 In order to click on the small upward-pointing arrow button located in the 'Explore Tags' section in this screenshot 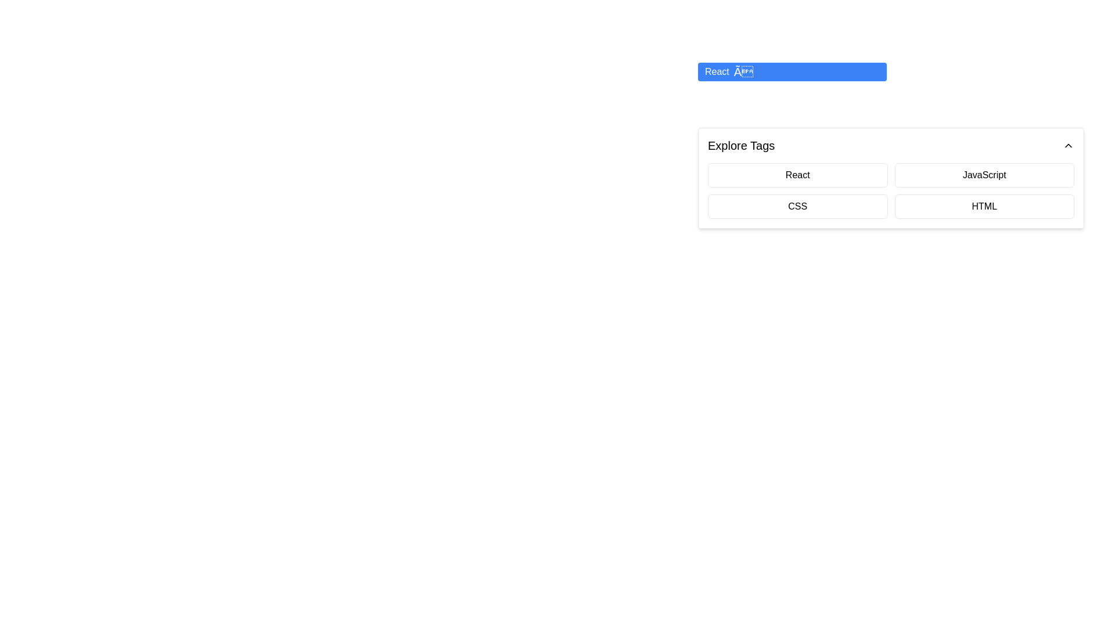, I will do `click(1068, 145)`.